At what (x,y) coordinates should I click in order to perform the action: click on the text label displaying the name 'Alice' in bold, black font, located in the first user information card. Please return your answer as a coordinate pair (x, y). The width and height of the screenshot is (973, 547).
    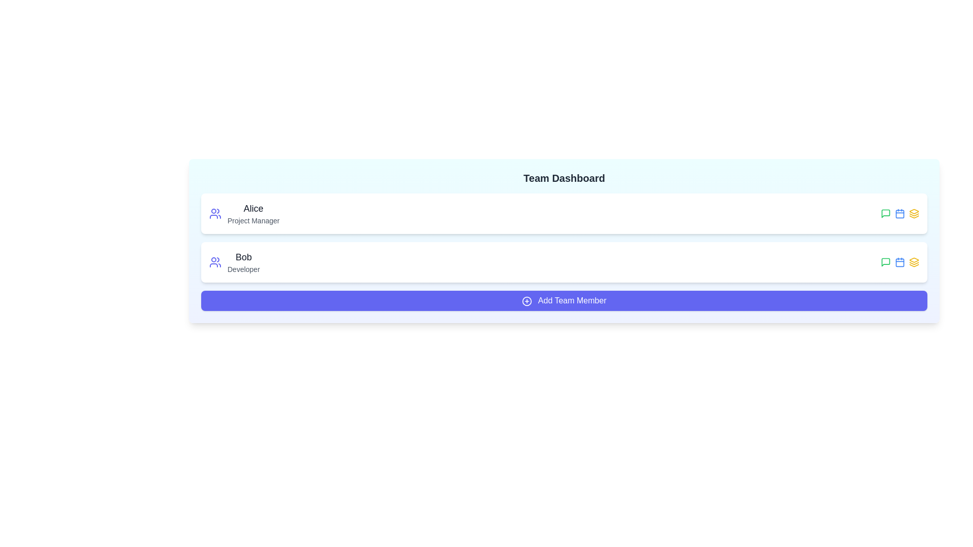
    Looking at the image, I should click on (253, 208).